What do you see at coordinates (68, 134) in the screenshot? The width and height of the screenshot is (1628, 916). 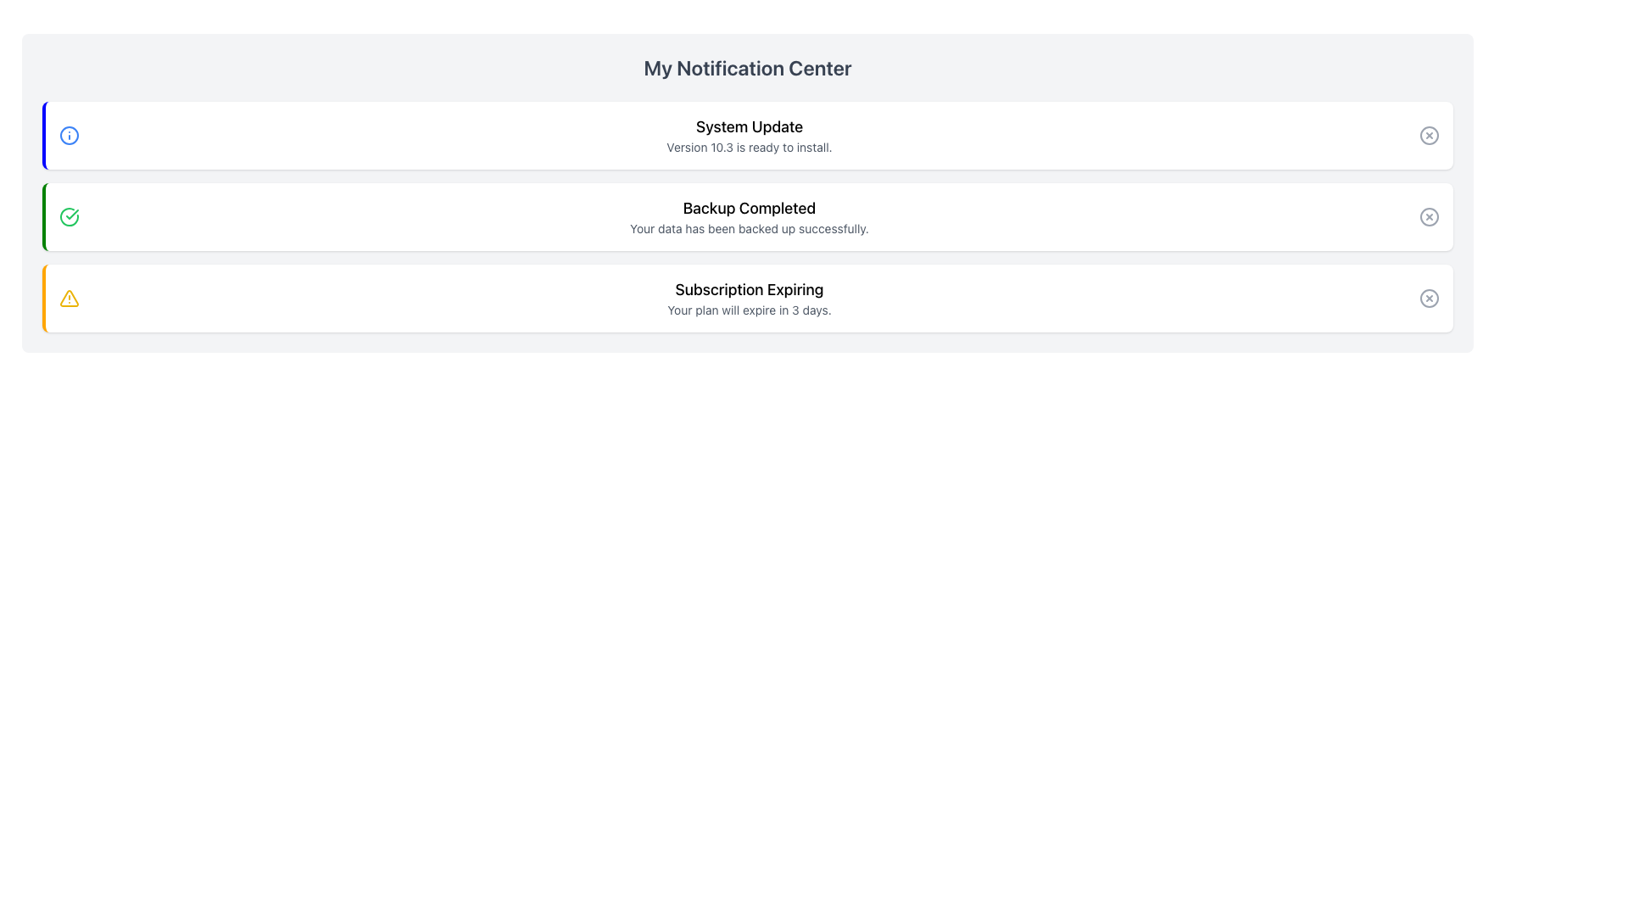 I see `the informational icon located at the leftmost end of the notification bar for 'System Update Version 10.3 is ready to install.'` at bounding box center [68, 134].